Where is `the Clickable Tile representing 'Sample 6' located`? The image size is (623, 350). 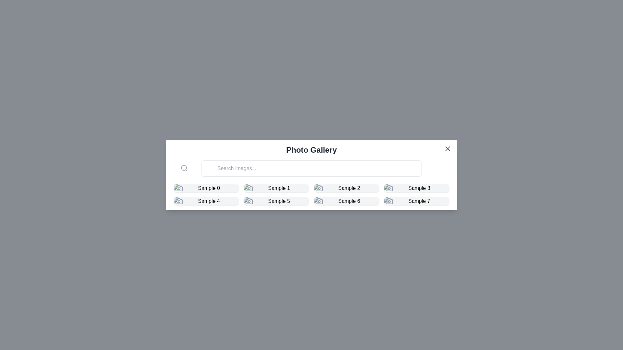
the Clickable Tile representing 'Sample 6' located is located at coordinates (346, 201).